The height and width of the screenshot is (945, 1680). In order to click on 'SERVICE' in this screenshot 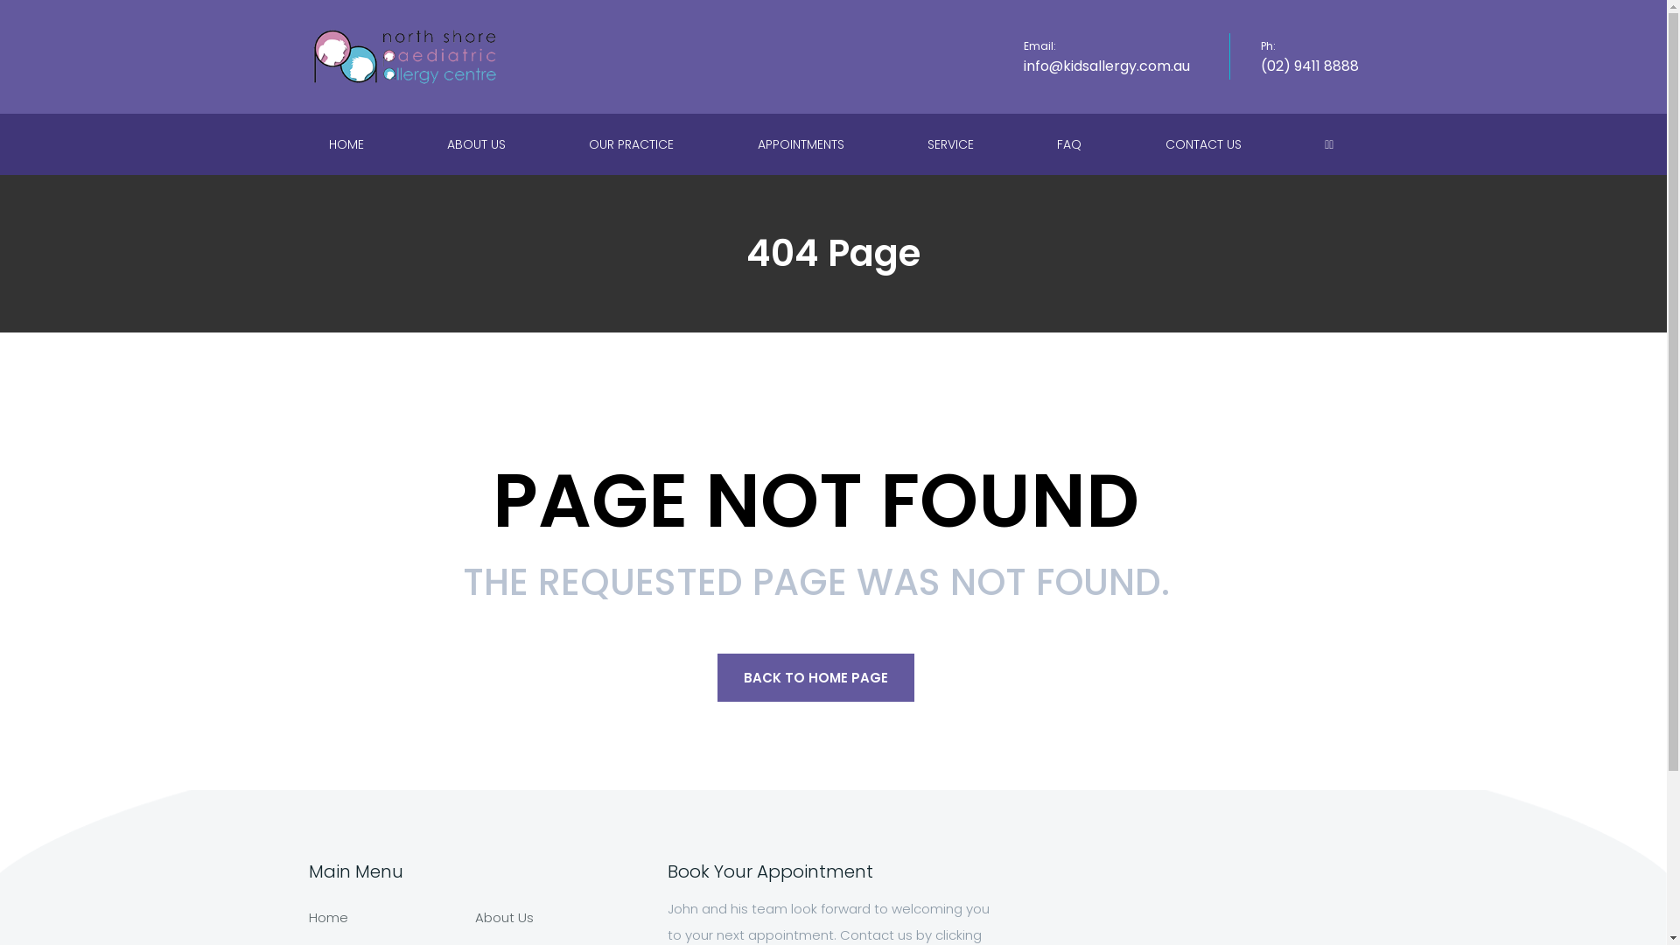, I will do `click(952, 143)`.